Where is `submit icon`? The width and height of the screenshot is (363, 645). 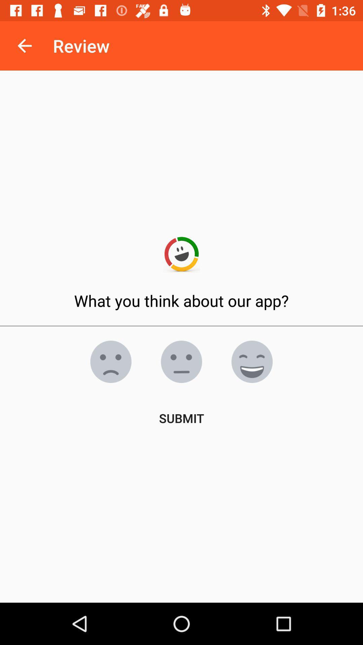
submit icon is located at coordinates (182, 418).